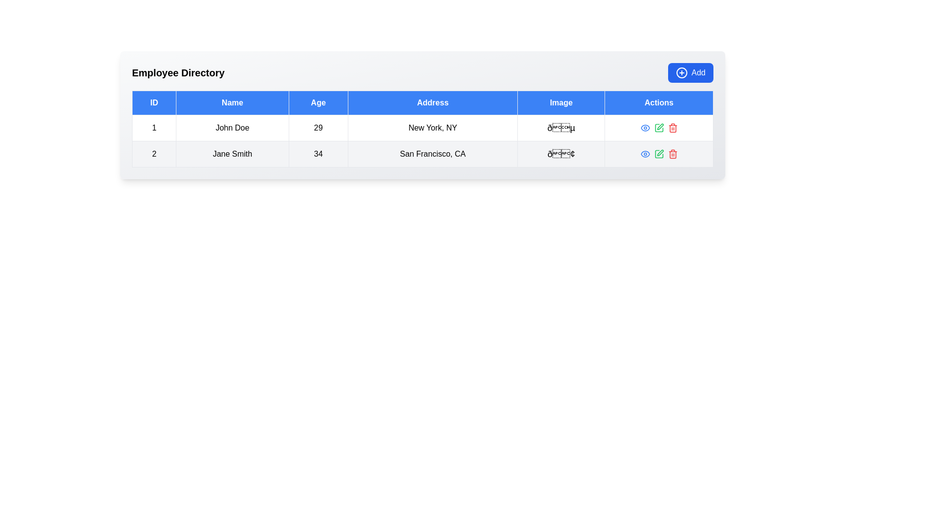 Image resolution: width=946 pixels, height=532 pixels. What do you see at coordinates (318, 102) in the screenshot?
I see `the 'Age' column header in the table` at bounding box center [318, 102].